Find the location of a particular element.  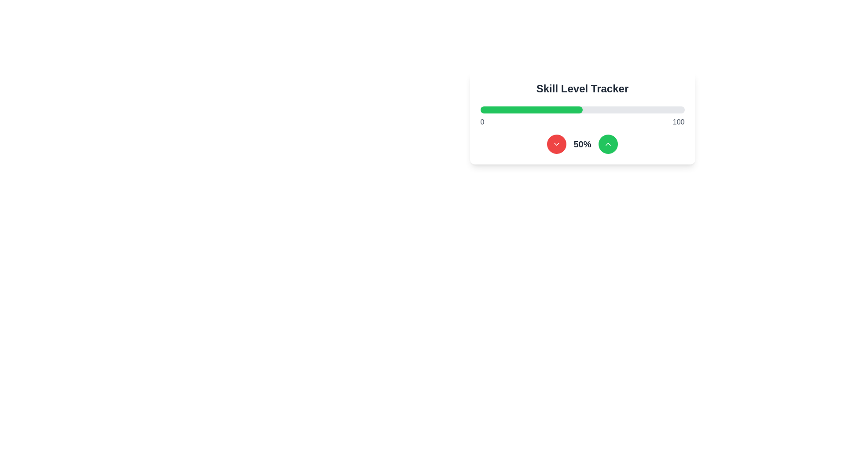

the circular green button with a white upward arrow icon, which is the rightmost button in a horizontal row is located at coordinates (607, 143).